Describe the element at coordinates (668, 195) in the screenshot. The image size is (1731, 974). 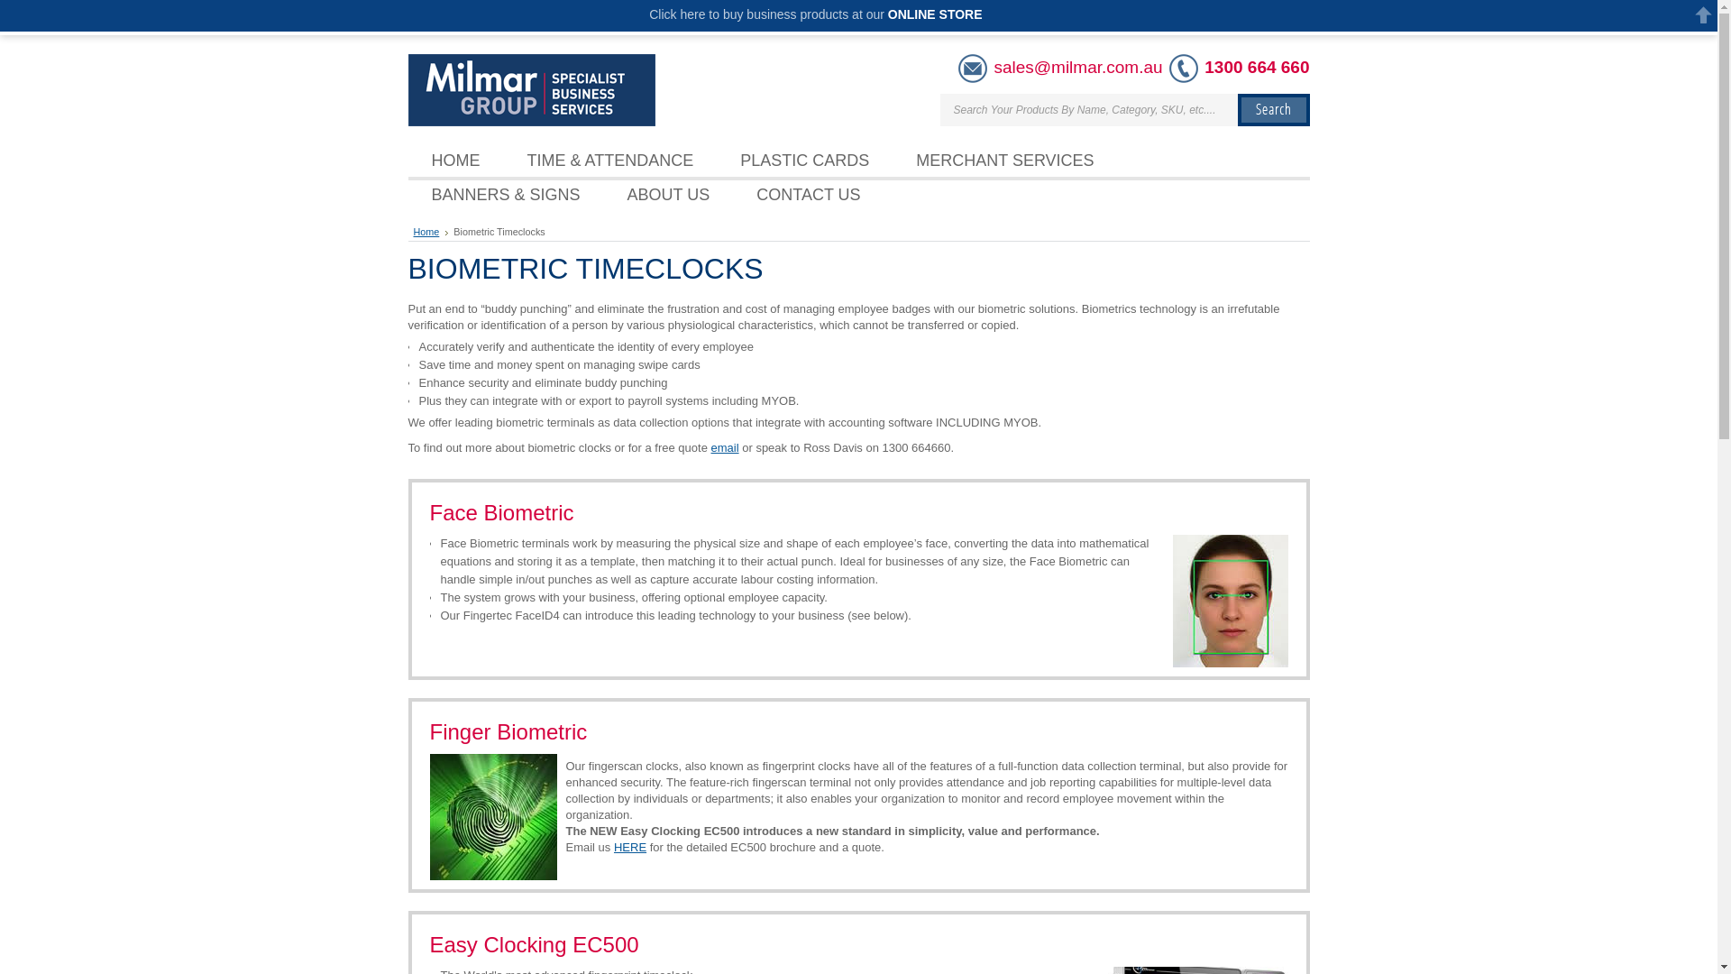
I see `'ABOUT US'` at that location.